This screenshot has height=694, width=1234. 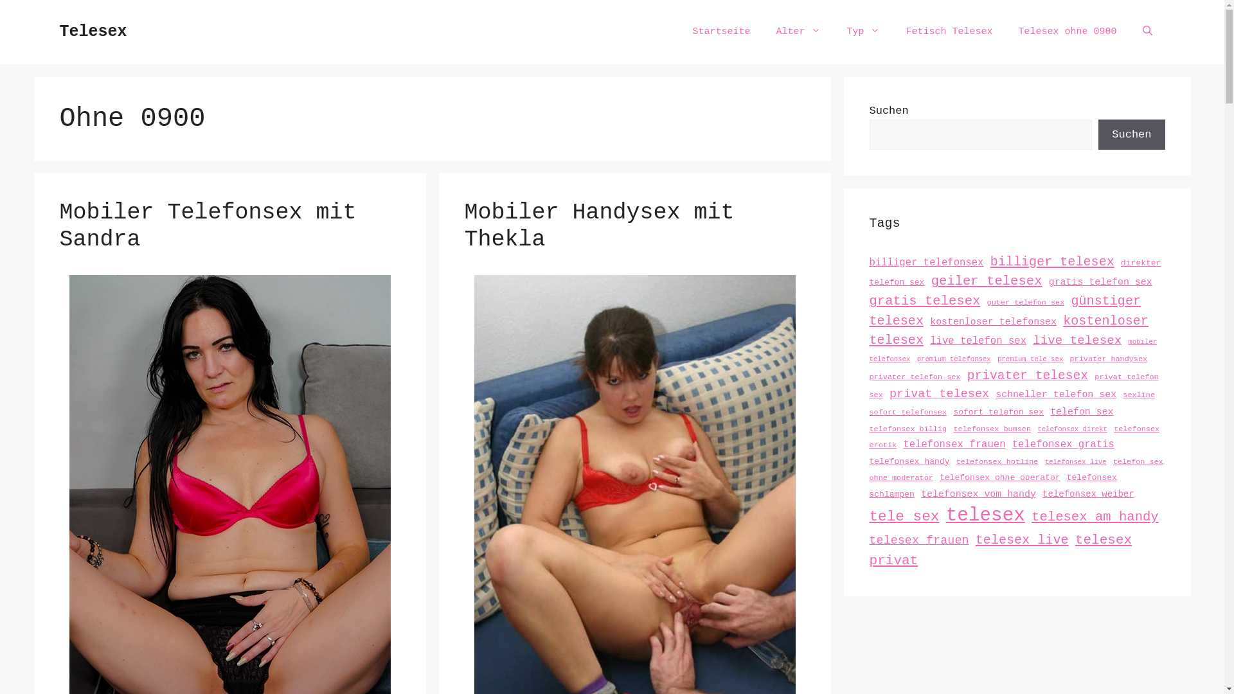 I want to click on 'Startseite', so click(x=721, y=31).